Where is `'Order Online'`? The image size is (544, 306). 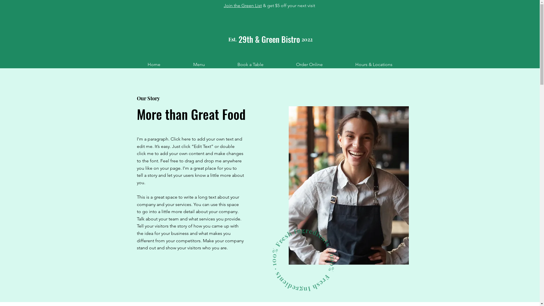 'Order Online' is located at coordinates (309, 64).